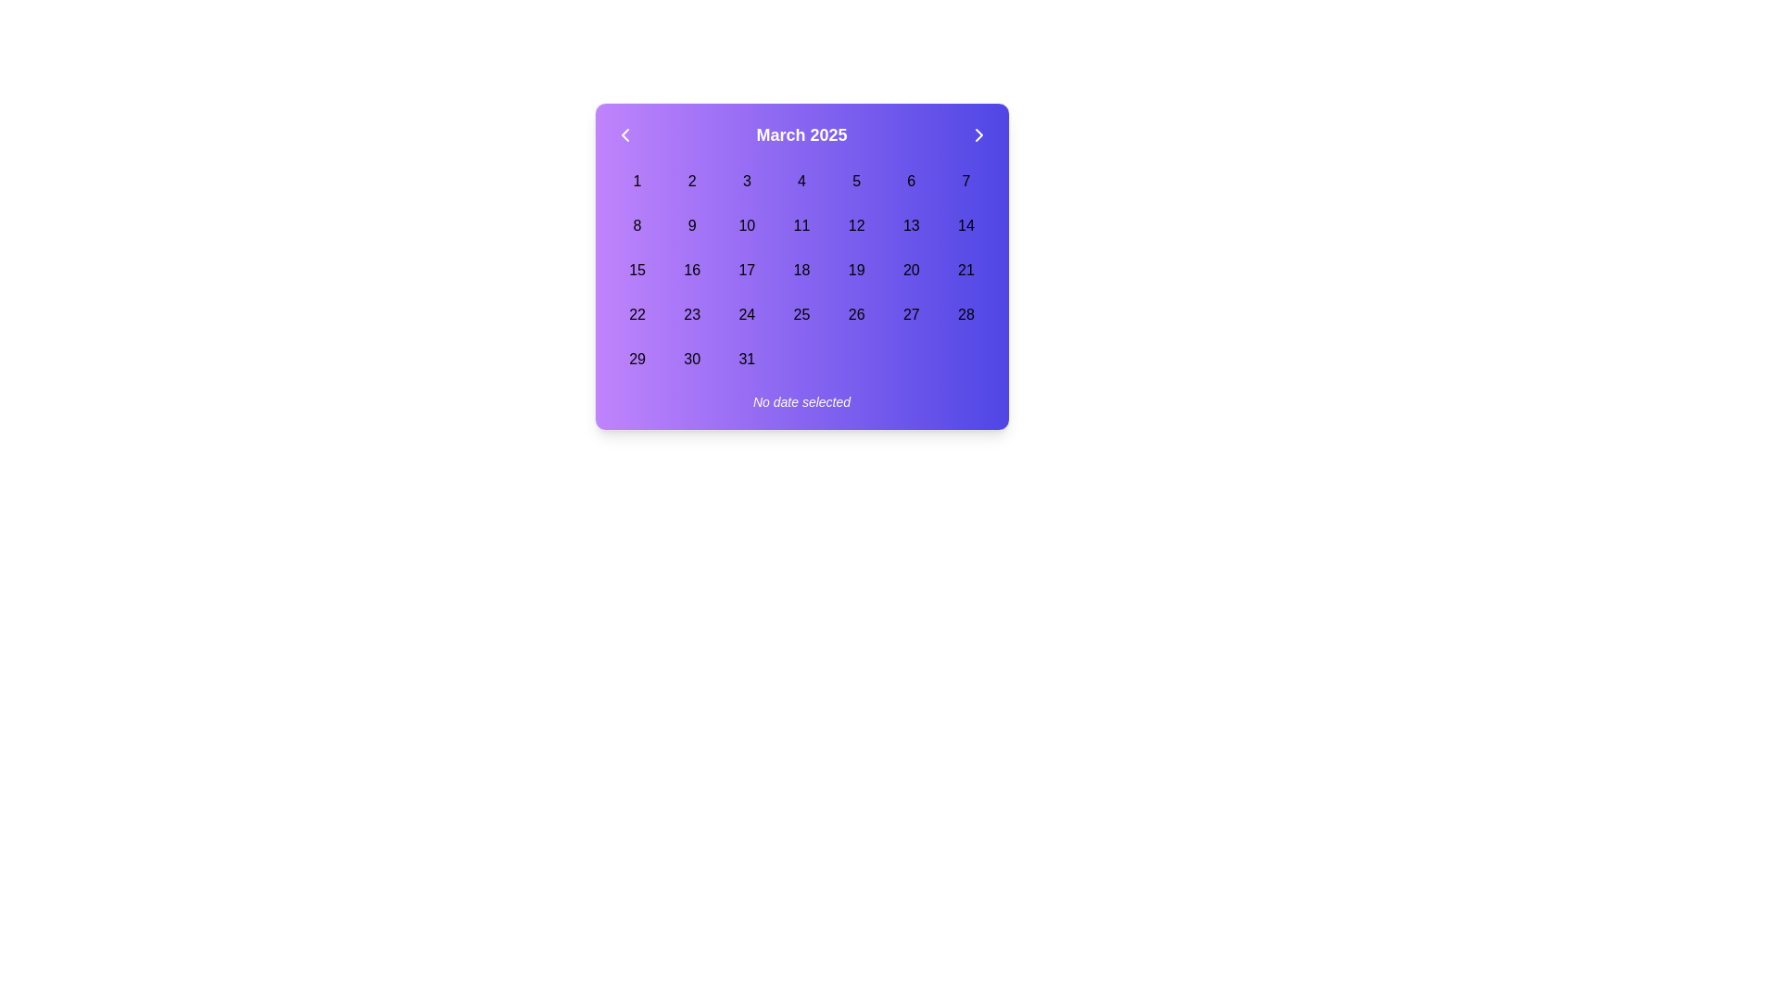 The image size is (1779, 1001). I want to click on the circular button labeled '4' in the calendar grid, so click(801, 182).